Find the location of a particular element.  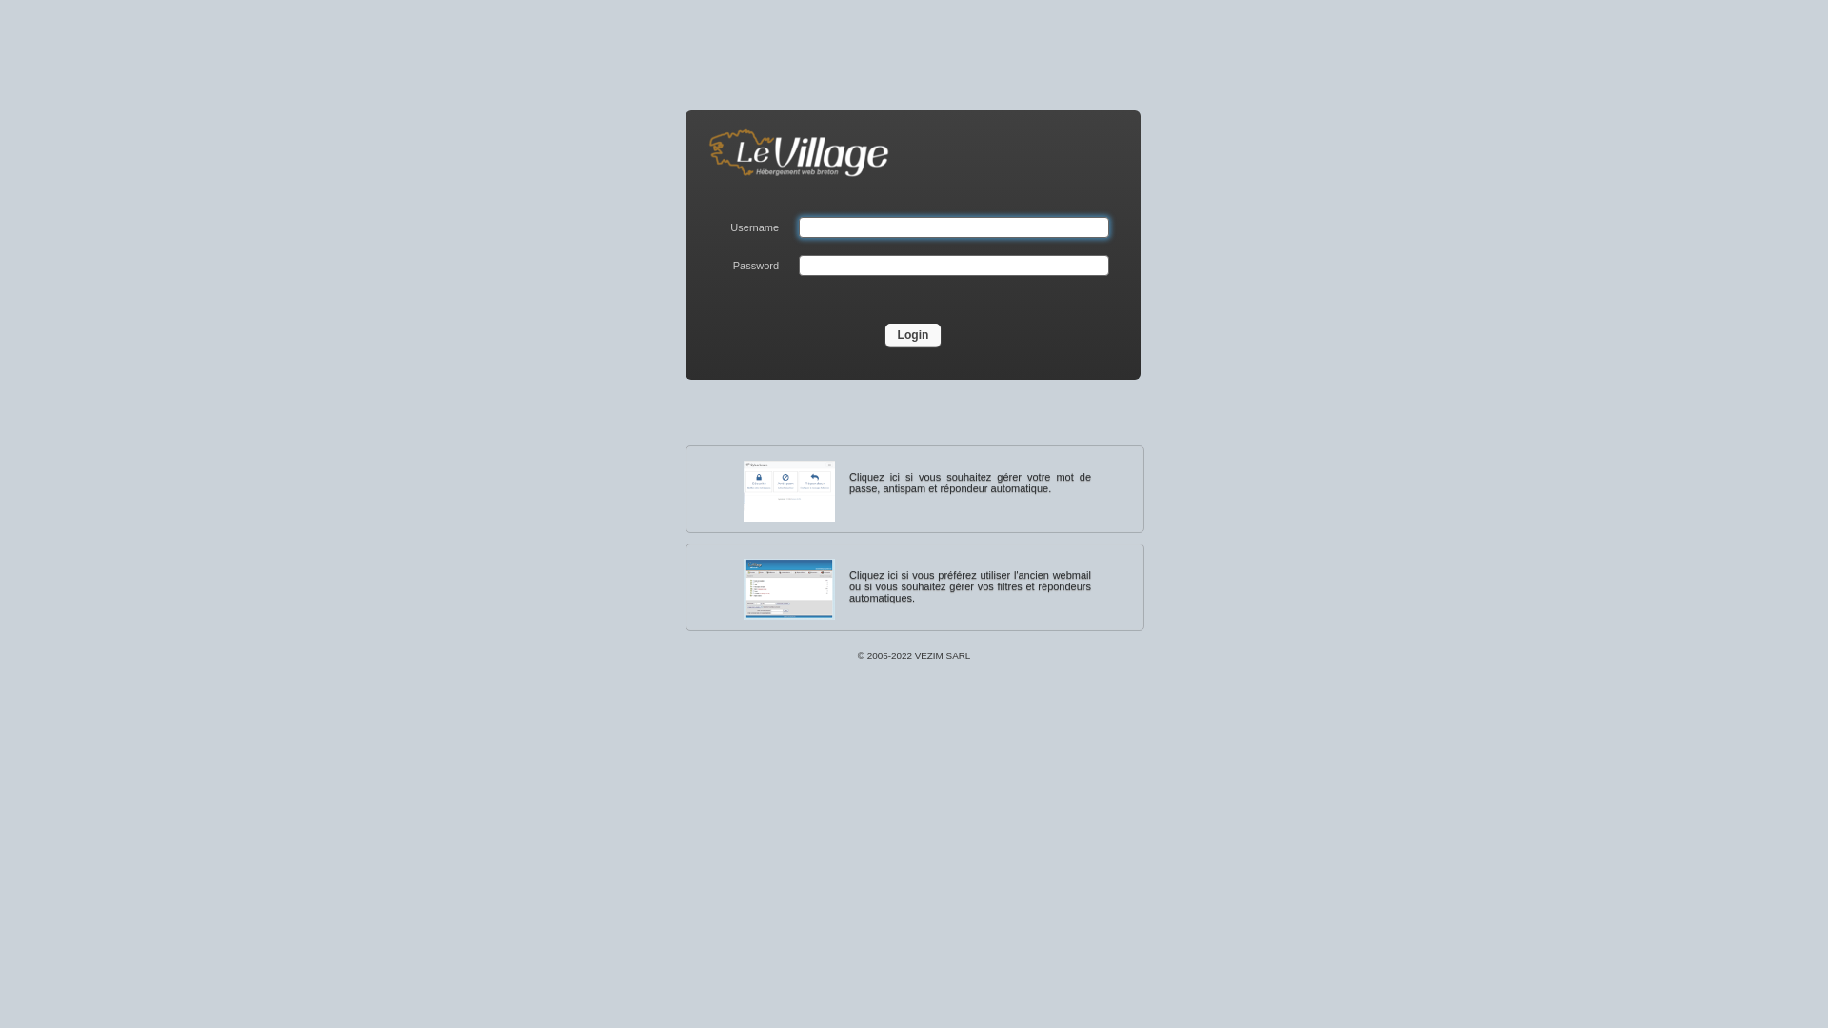

'Login' is located at coordinates (912, 333).